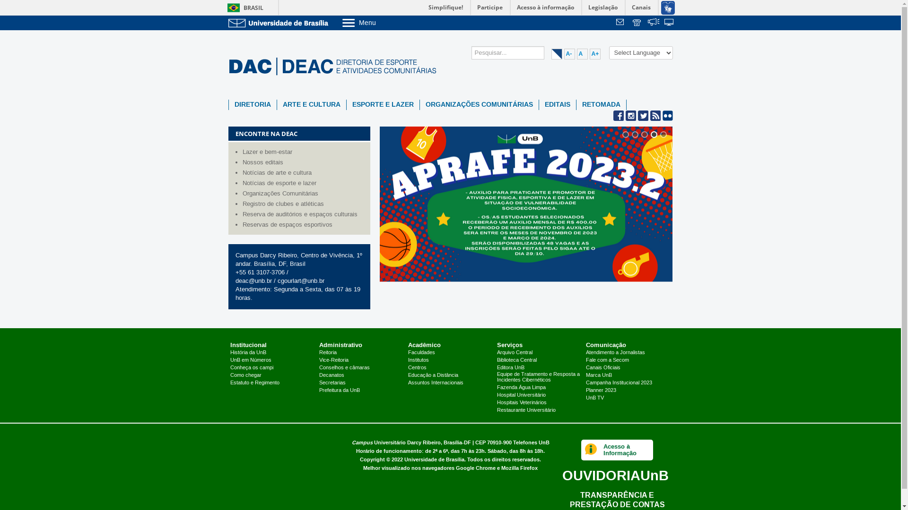  Describe the element at coordinates (333, 360) in the screenshot. I see `'Vice-Reitoria'` at that location.